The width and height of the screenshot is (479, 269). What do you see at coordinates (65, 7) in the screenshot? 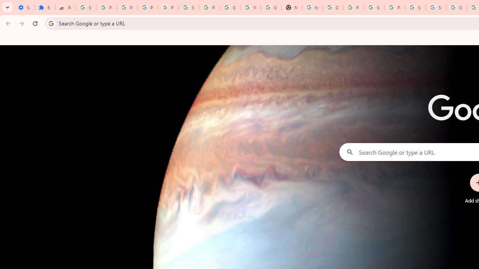
I see `'Reviews: Helix Fruit Jump Arcade Game'` at bounding box center [65, 7].